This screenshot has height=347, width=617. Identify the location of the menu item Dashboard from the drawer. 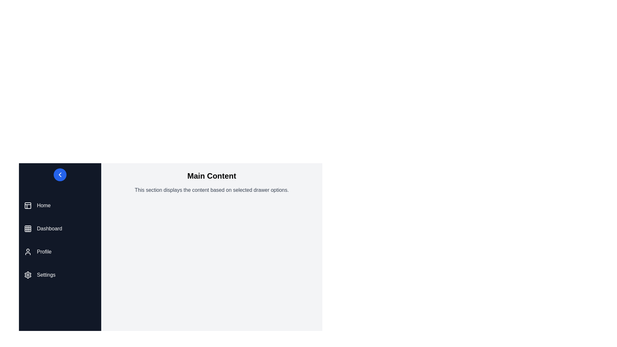
(60, 228).